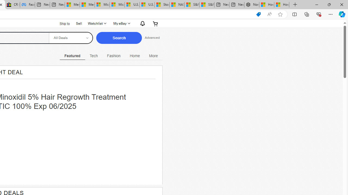 This screenshot has width=348, height=195. Describe the element at coordinates (61, 23) in the screenshot. I see `'Ship to'` at that location.